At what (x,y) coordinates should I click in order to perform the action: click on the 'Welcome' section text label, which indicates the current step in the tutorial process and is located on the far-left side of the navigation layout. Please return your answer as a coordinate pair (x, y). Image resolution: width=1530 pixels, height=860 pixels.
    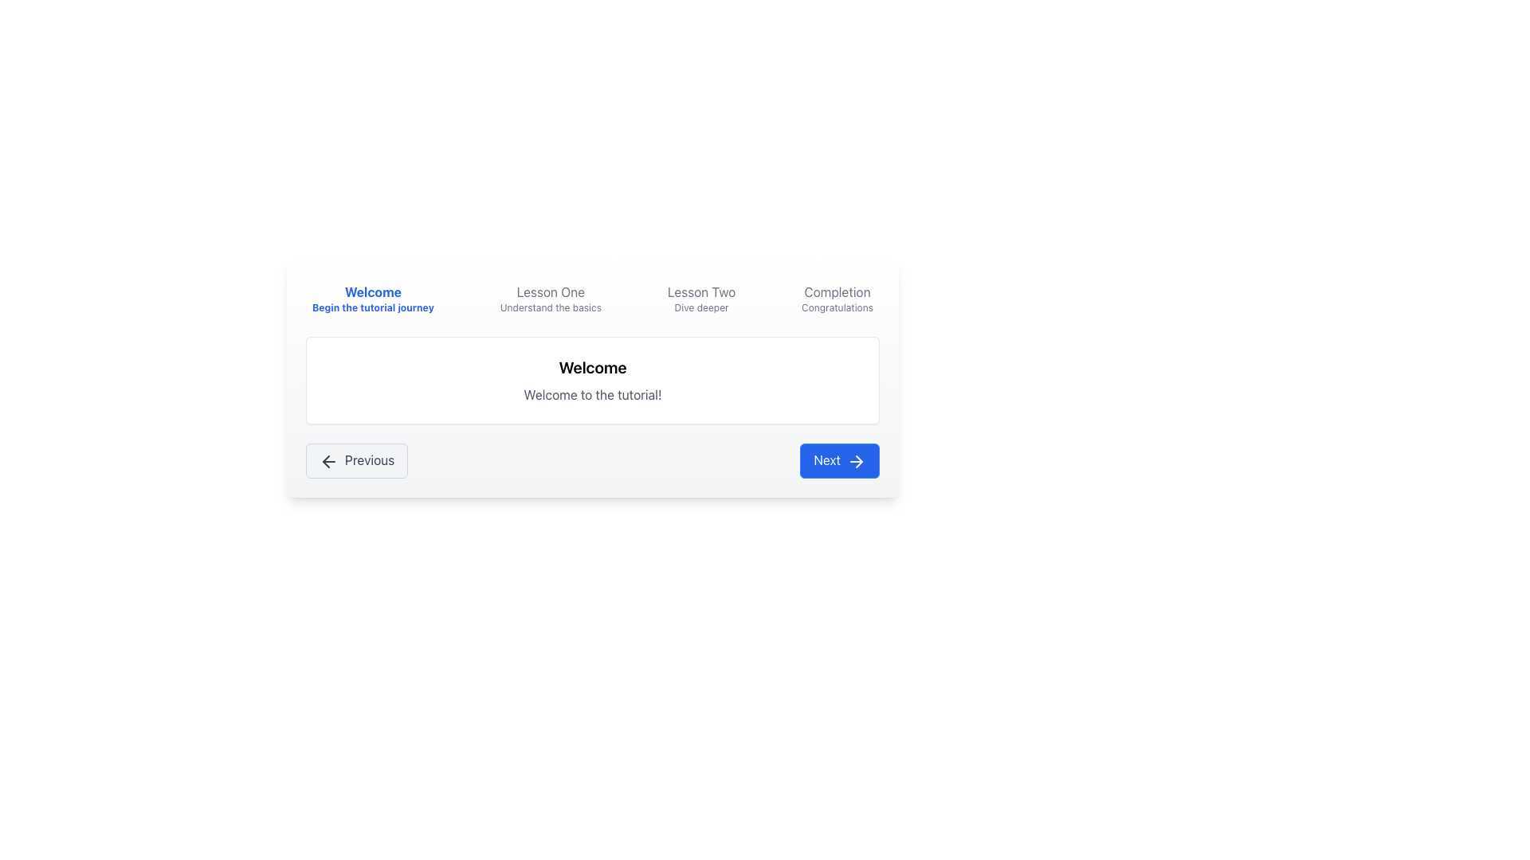
    Looking at the image, I should click on (372, 298).